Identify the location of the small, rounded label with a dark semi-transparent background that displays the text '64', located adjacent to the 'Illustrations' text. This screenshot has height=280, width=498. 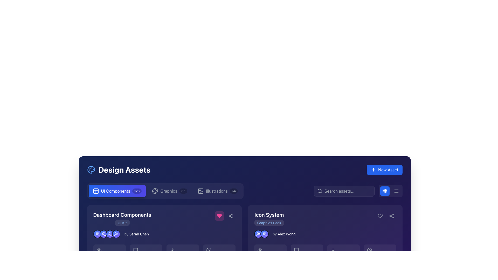
(233, 191).